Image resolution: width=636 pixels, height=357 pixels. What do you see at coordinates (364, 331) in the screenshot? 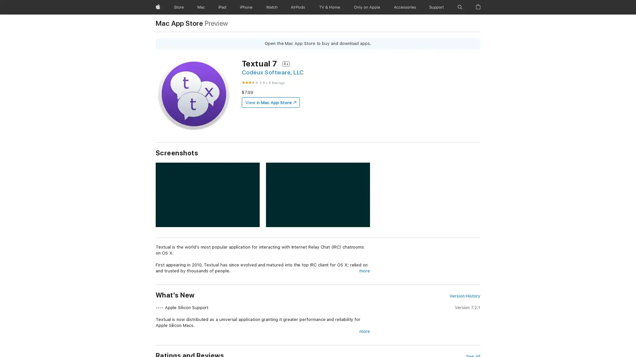
I see `more` at bounding box center [364, 331].